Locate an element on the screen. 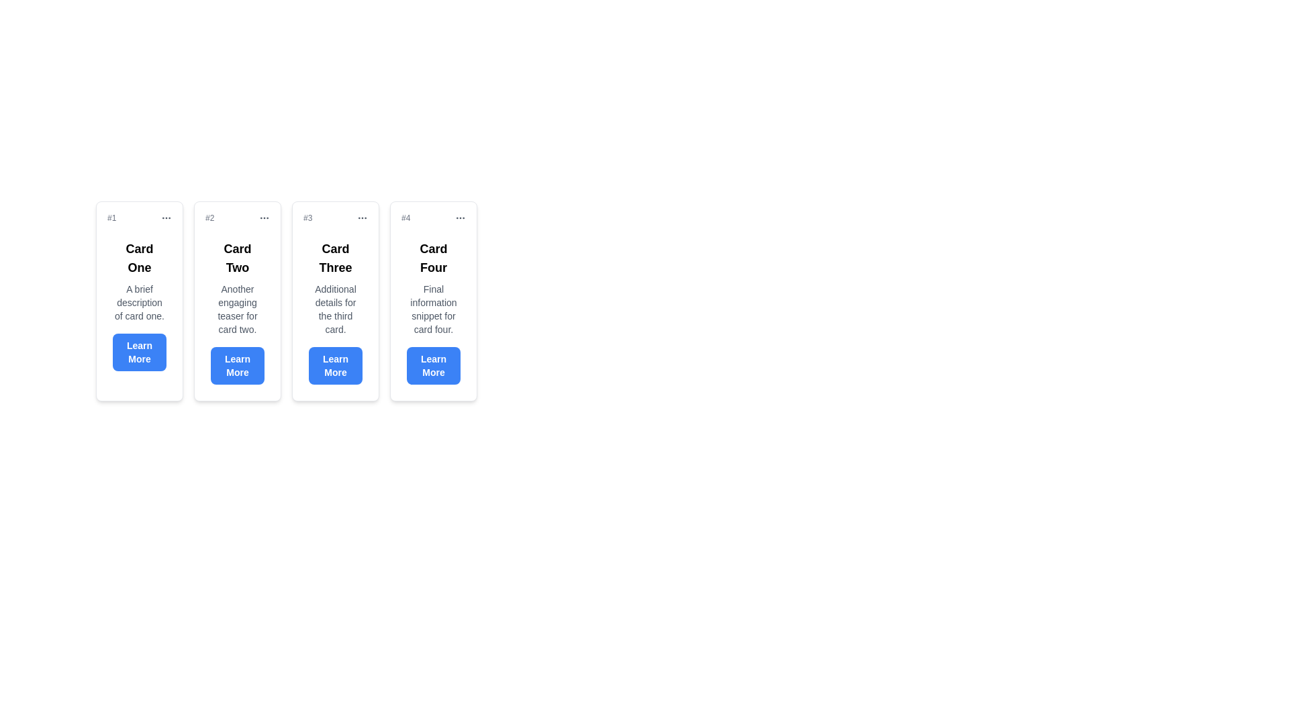 This screenshot has width=1289, height=725. the ellipsis icon in the top-right corner of the header section of the second card is located at coordinates (264, 217).